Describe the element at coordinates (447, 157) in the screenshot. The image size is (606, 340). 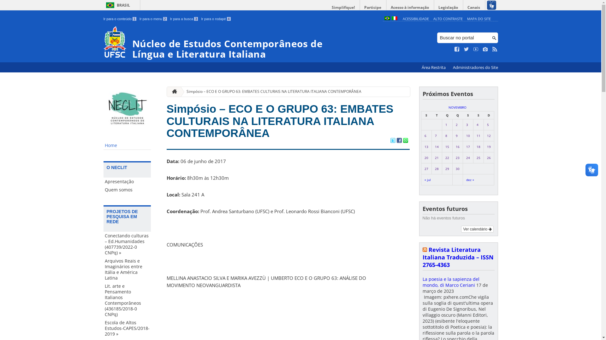
I see `'22'` at that location.